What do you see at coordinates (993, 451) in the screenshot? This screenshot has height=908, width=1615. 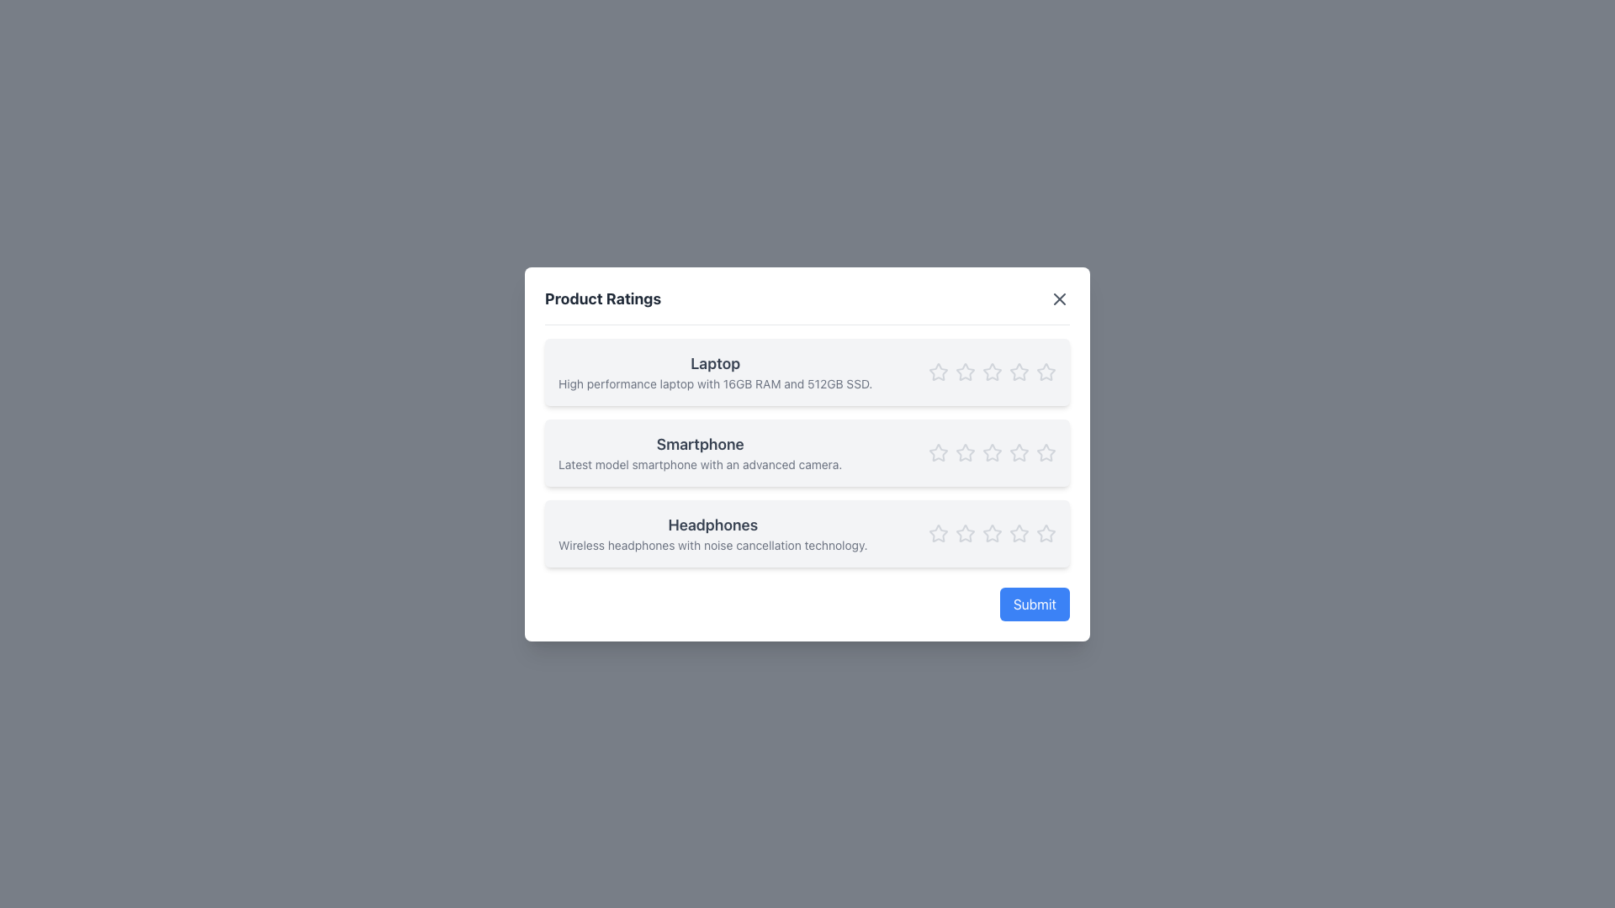 I see `the third star in the rating control for the 'Smartphone' product` at bounding box center [993, 451].